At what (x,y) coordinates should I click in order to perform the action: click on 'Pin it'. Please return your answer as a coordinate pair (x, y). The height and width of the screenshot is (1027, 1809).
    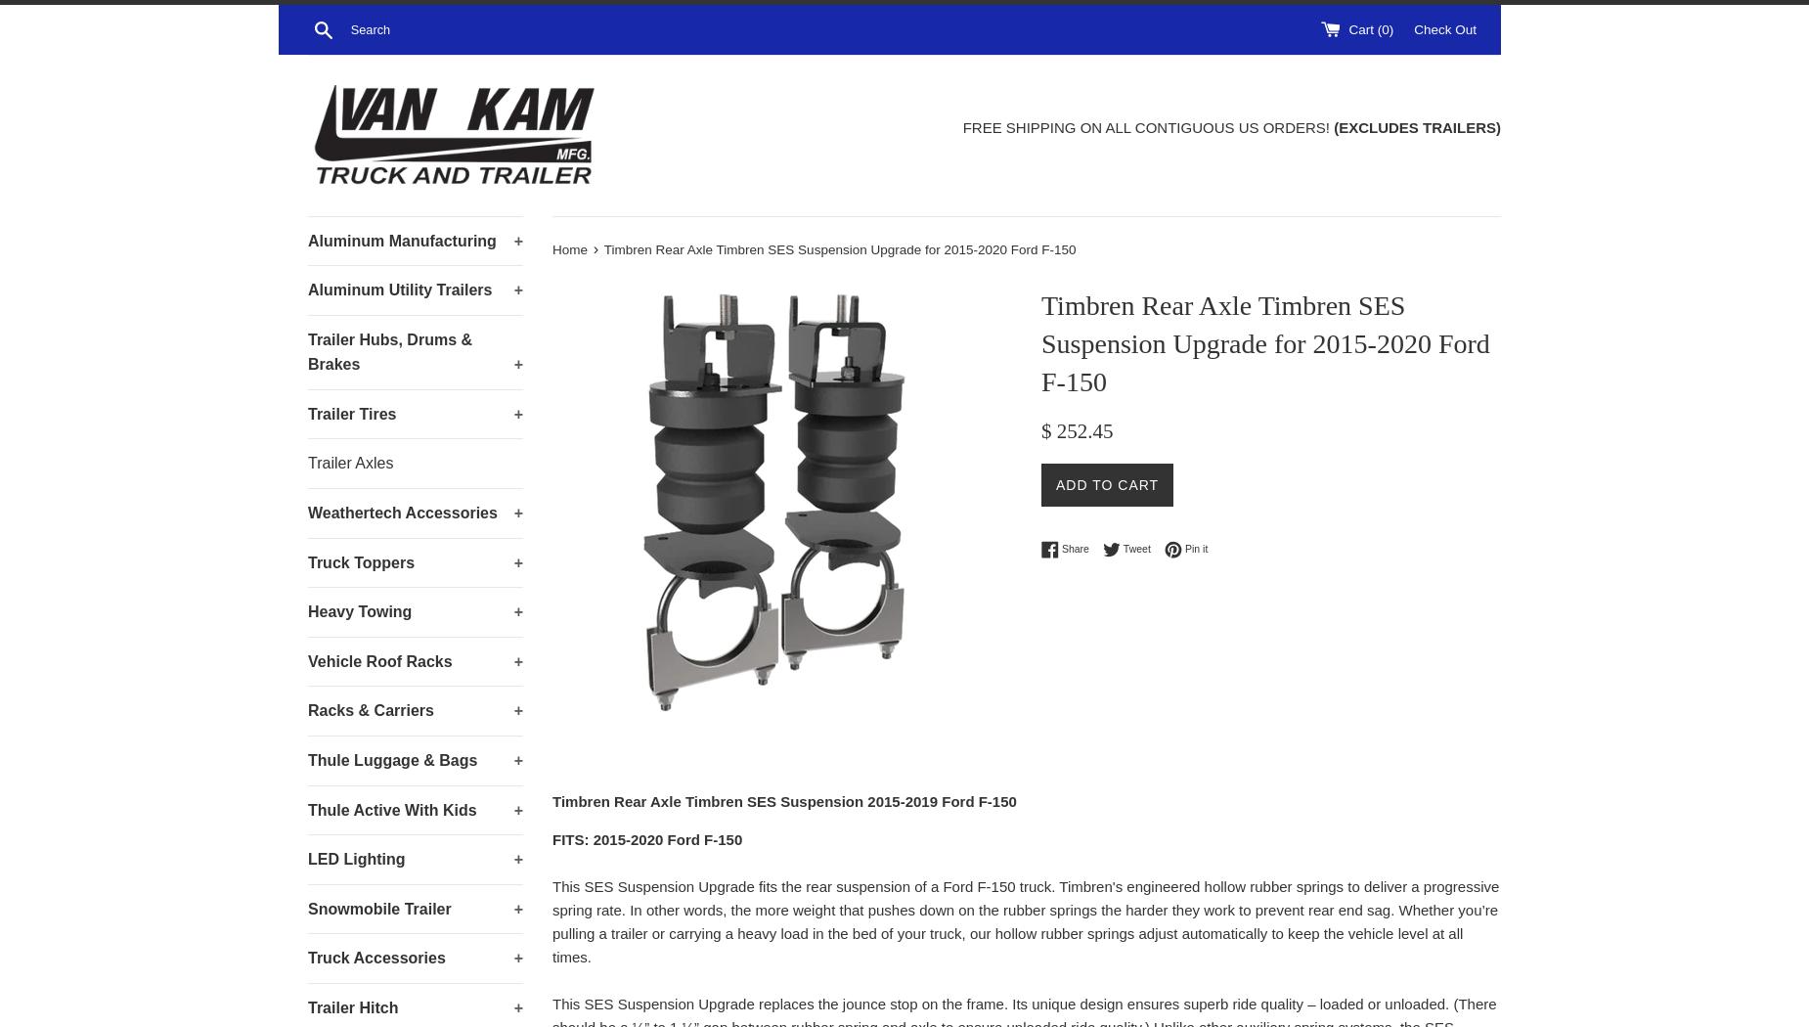
    Looking at the image, I should click on (1195, 549).